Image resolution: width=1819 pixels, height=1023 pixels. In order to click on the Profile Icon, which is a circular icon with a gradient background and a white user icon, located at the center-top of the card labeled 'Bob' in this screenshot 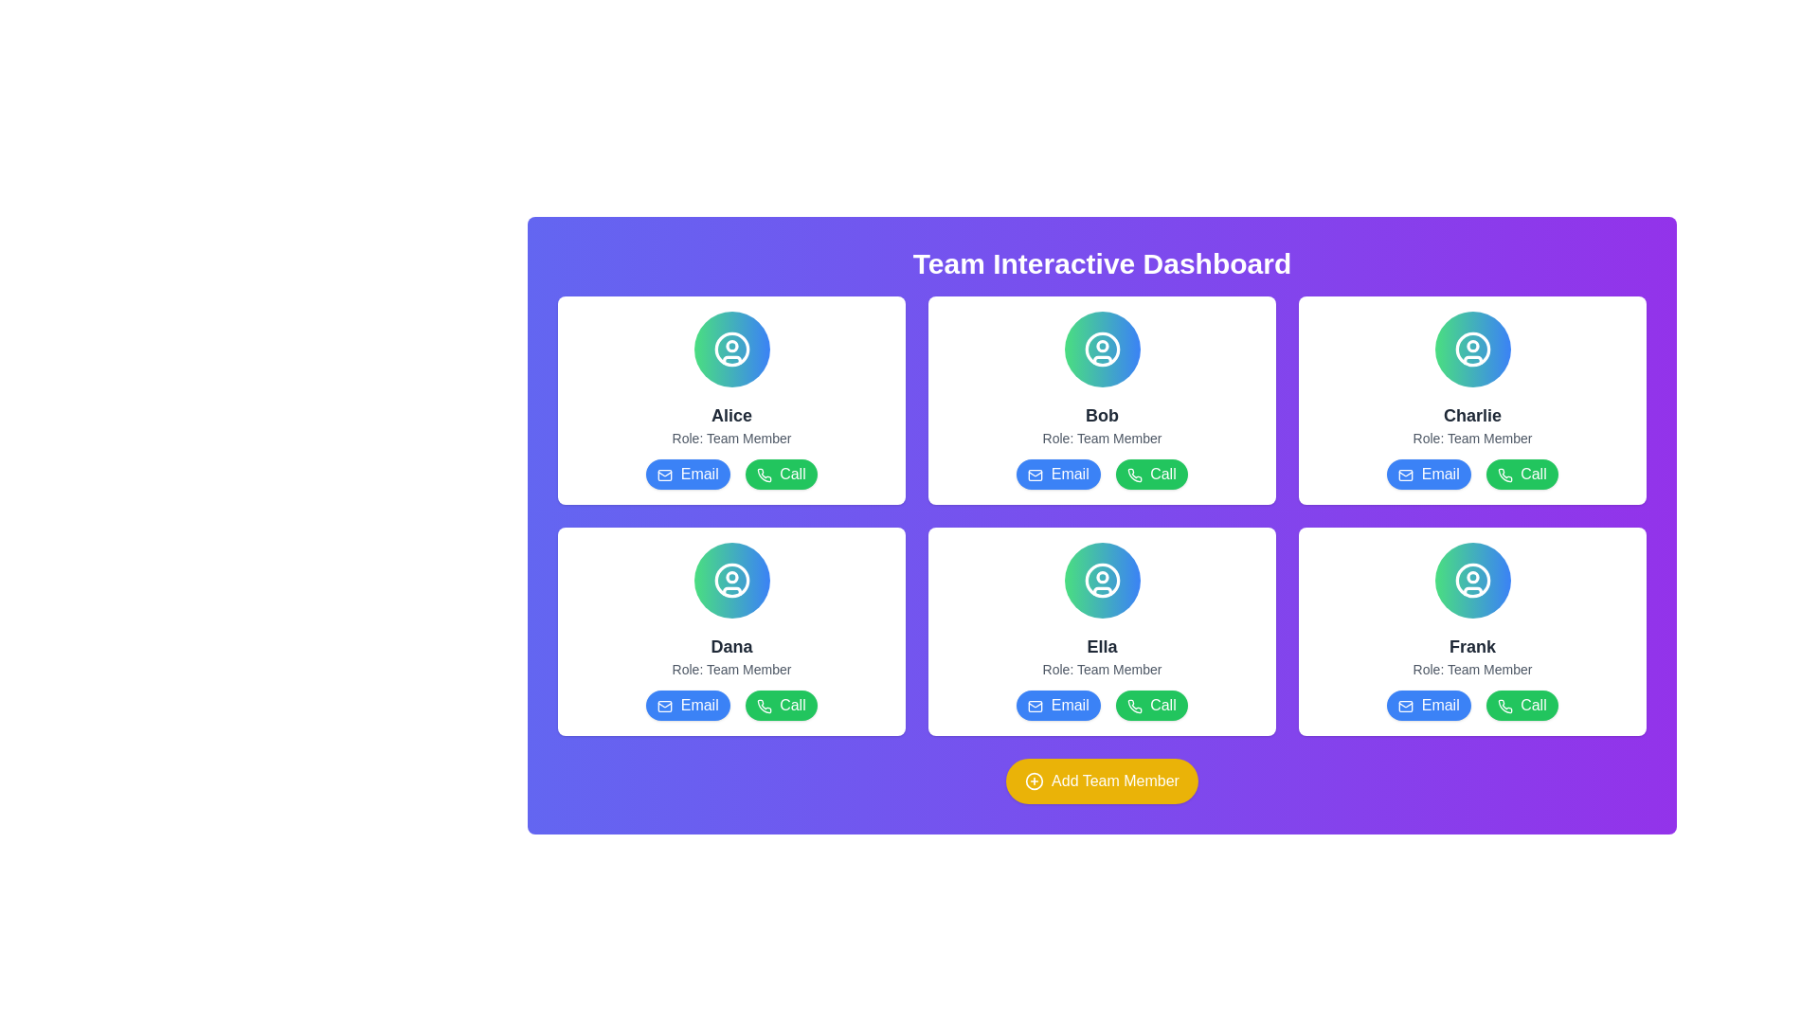, I will do `click(1102, 350)`.